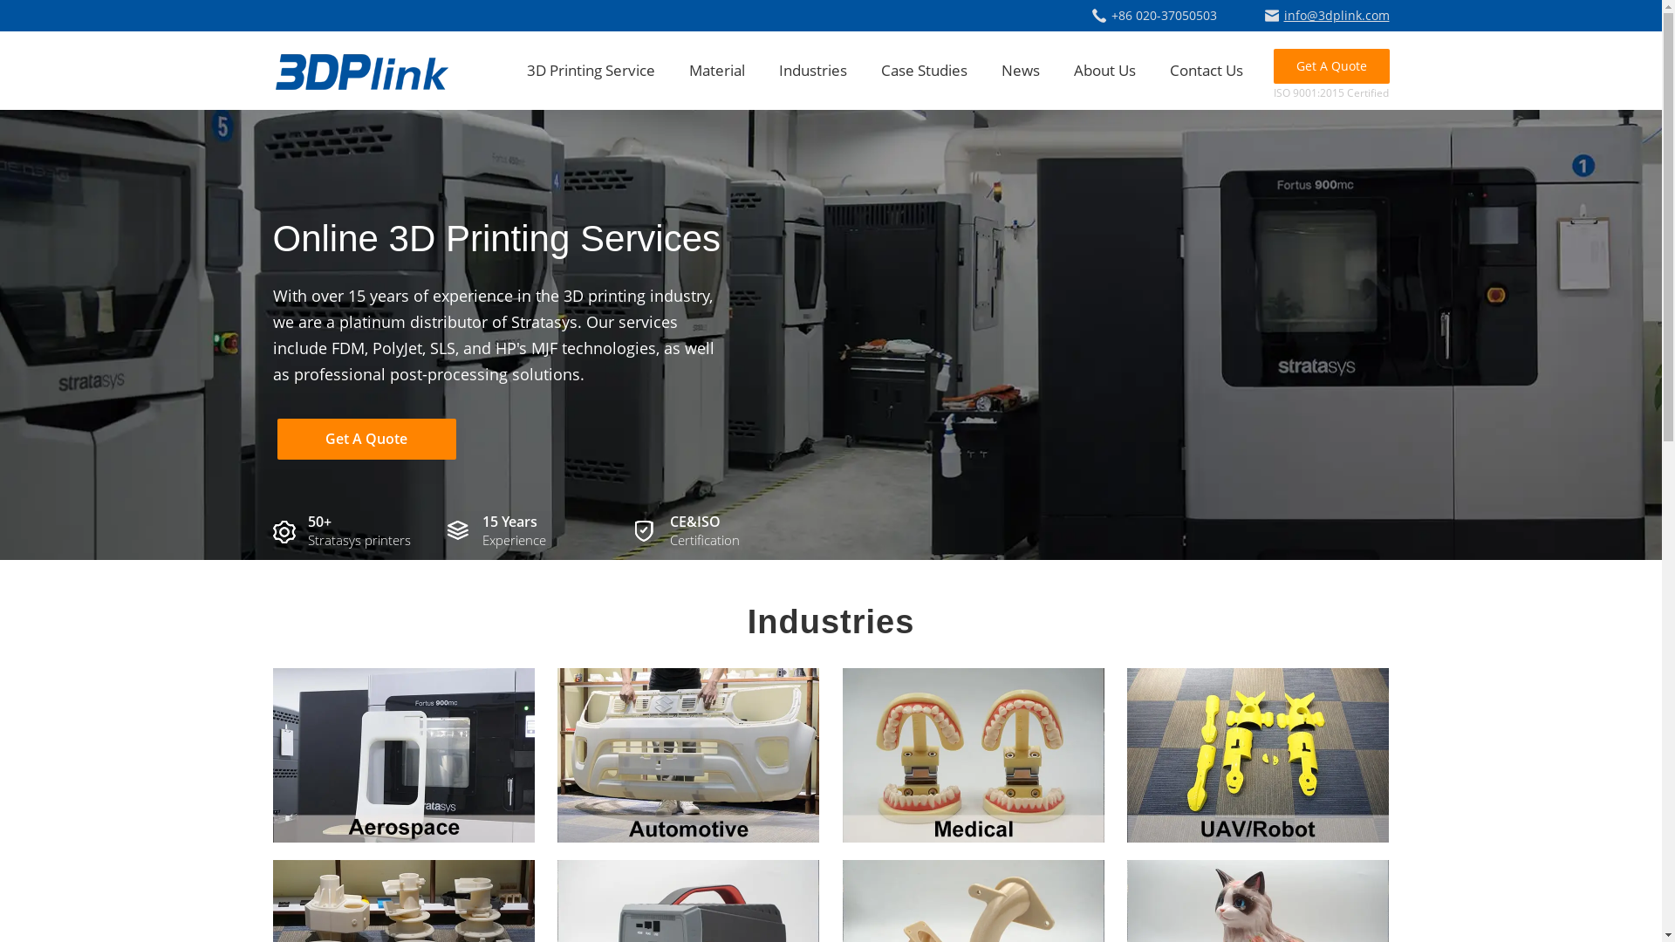 Image resolution: width=1675 pixels, height=942 pixels. What do you see at coordinates (923, 69) in the screenshot?
I see `'Case Studies'` at bounding box center [923, 69].